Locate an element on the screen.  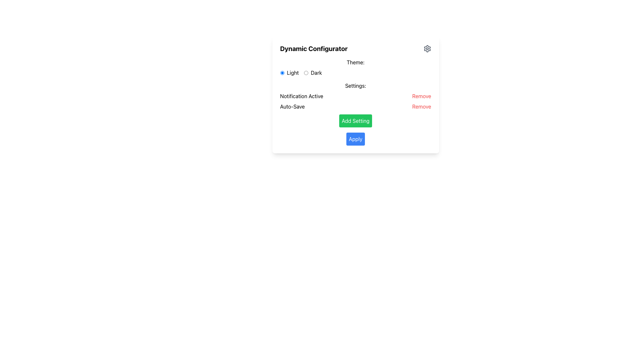
the static text label displaying 'Notification Active', which is bold and black, located within the settings section above the 'Auto-Save' label is located at coordinates (301, 96).